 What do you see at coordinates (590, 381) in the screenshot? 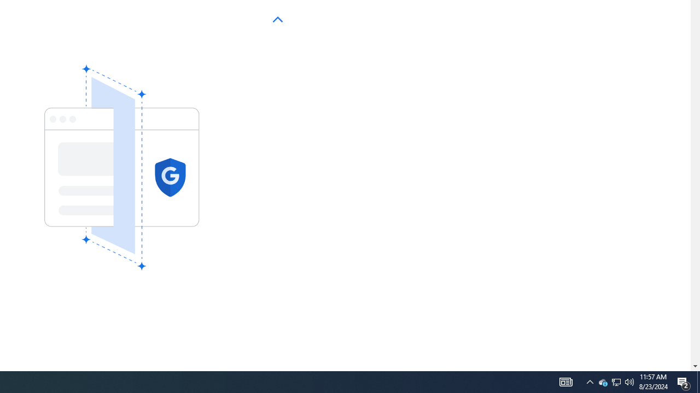
I see `'Notification Chevron'` at bounding box center [590, 381].